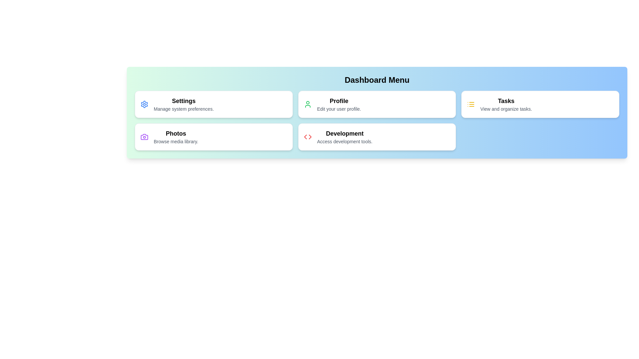 Image resolution: width=639 pixels, height=359 pixels. What do you see at coordinates (377, 137) in the screenshot?
I see `the menu item corresponding to Development` at bounding box center [377, 137].